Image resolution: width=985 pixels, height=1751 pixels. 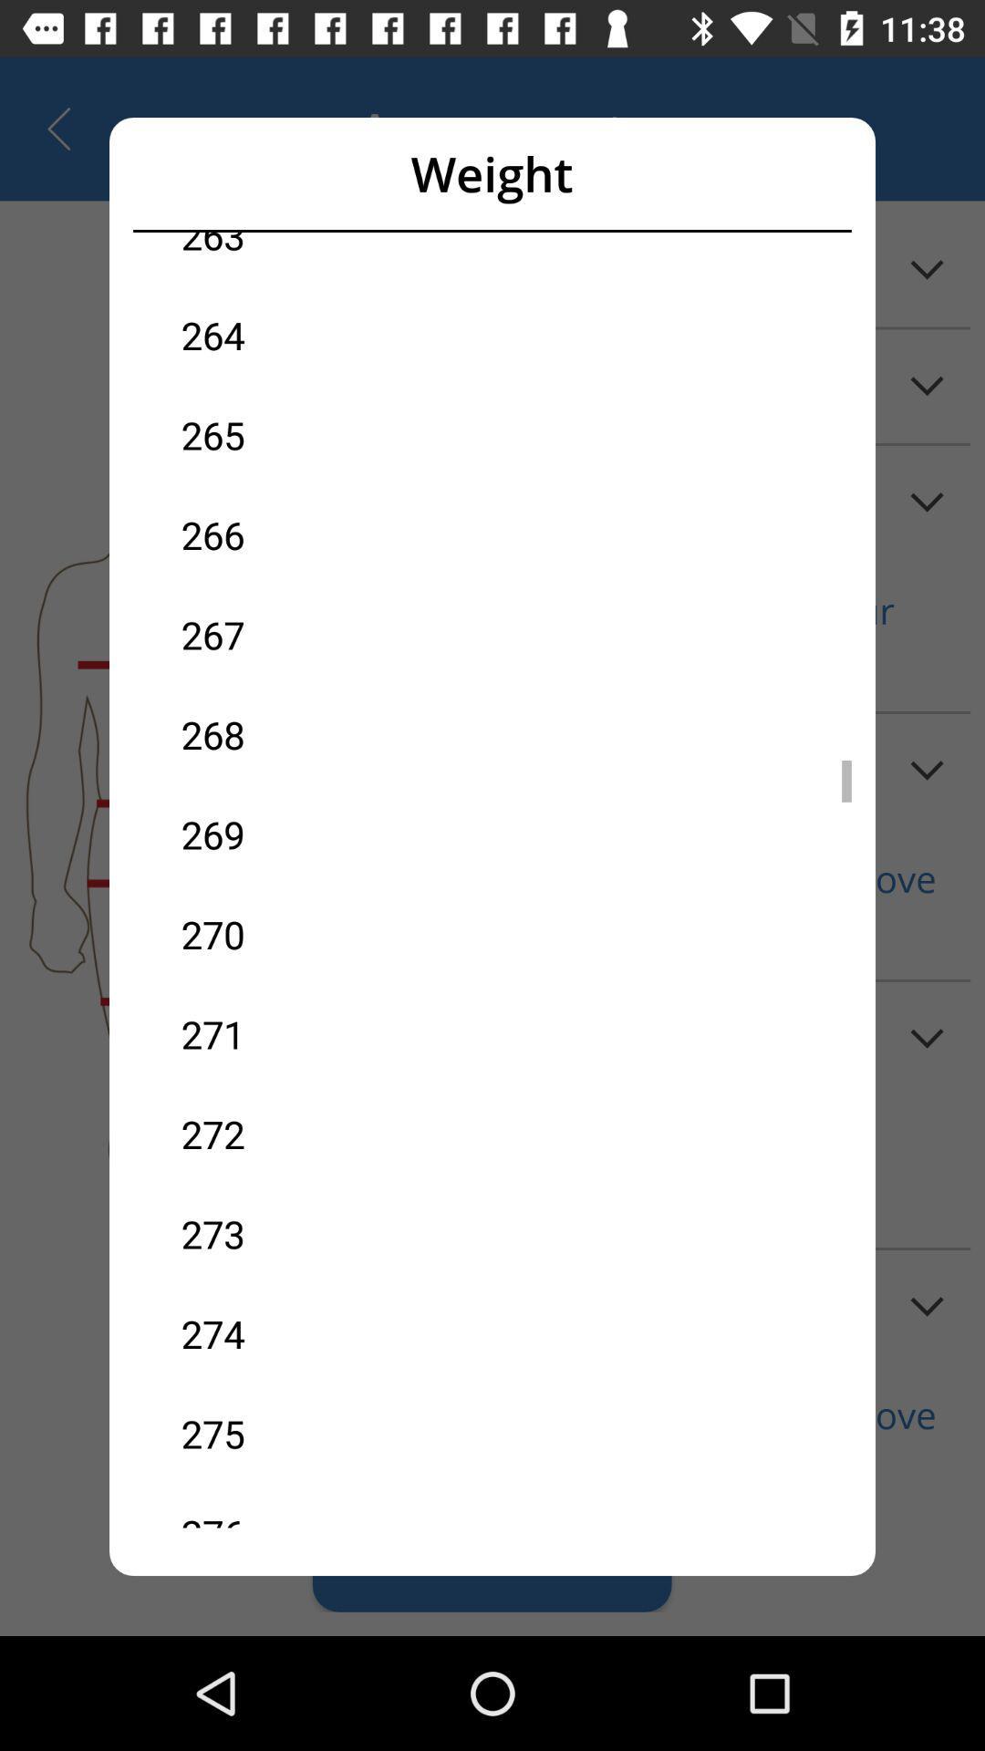 I want to click on 271, so click(x=337, y=1033).